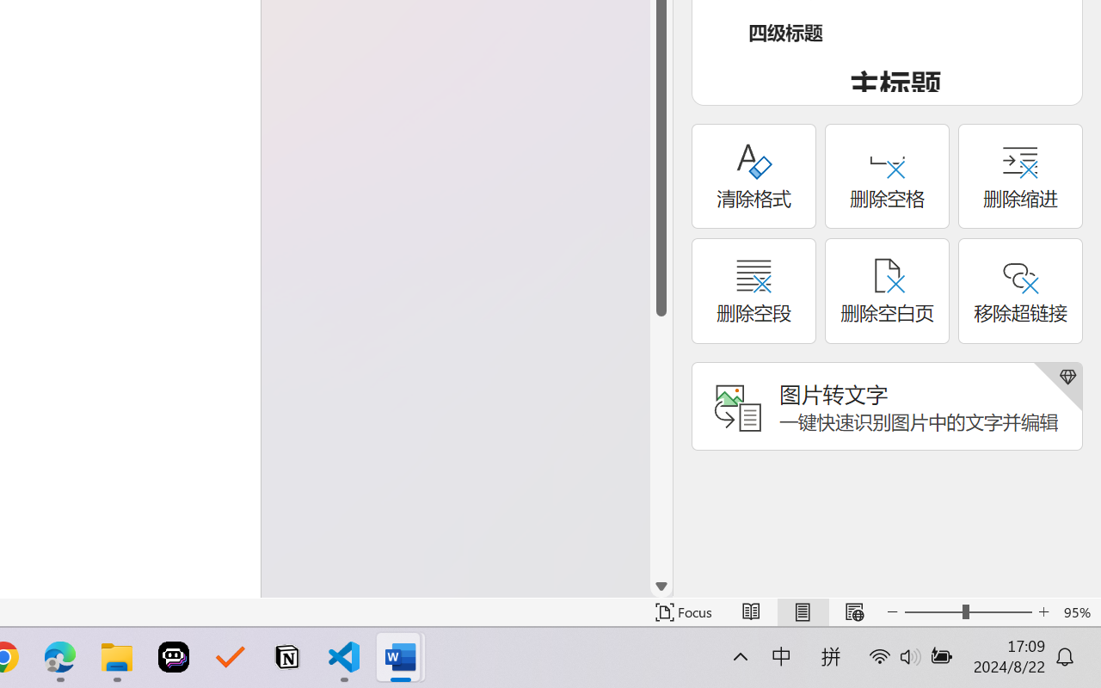 The height and width of the screenshot is (688, 1101). I want to click on 'Line down', so click(661, 587).